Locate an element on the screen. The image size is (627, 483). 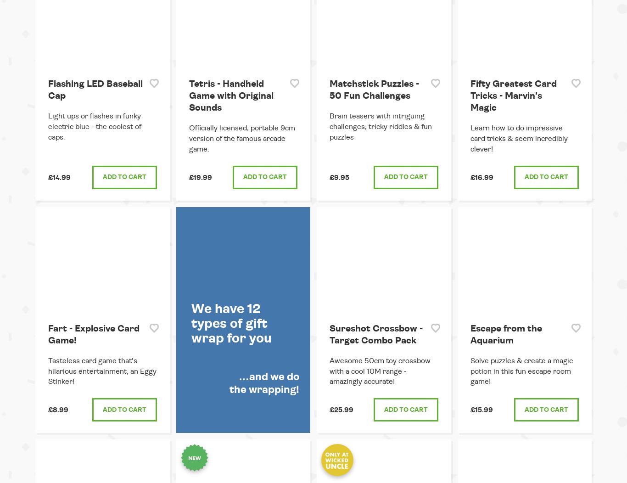
'Matchstick Puzzles - 50 Fun Challenges' is located at coordinates (374, 90).